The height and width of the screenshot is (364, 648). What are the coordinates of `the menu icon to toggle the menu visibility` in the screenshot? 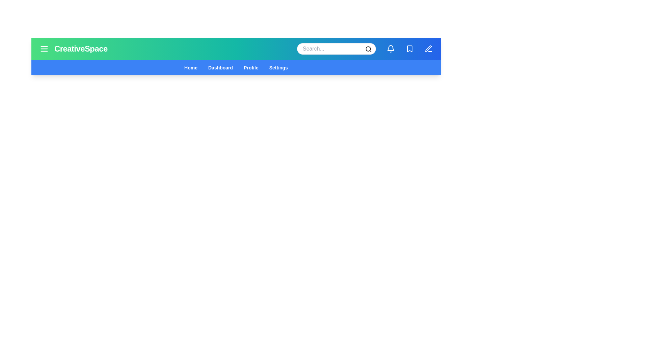 It's located at (44, 49).